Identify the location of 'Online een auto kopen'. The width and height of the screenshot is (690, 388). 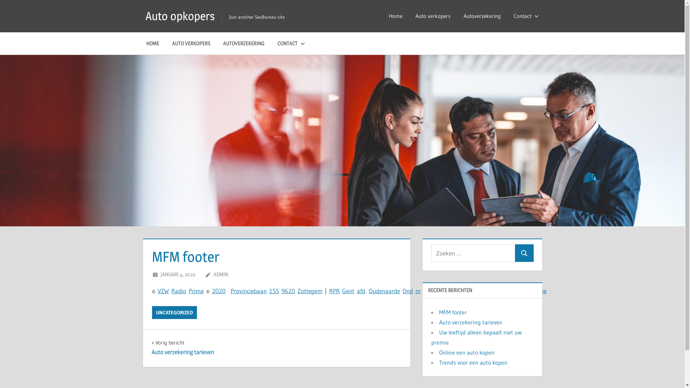
(467, 352).